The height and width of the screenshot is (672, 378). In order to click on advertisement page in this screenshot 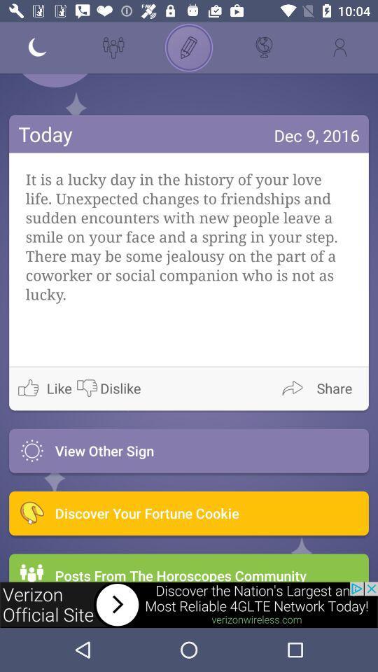, I will do `click(189, 604)`.